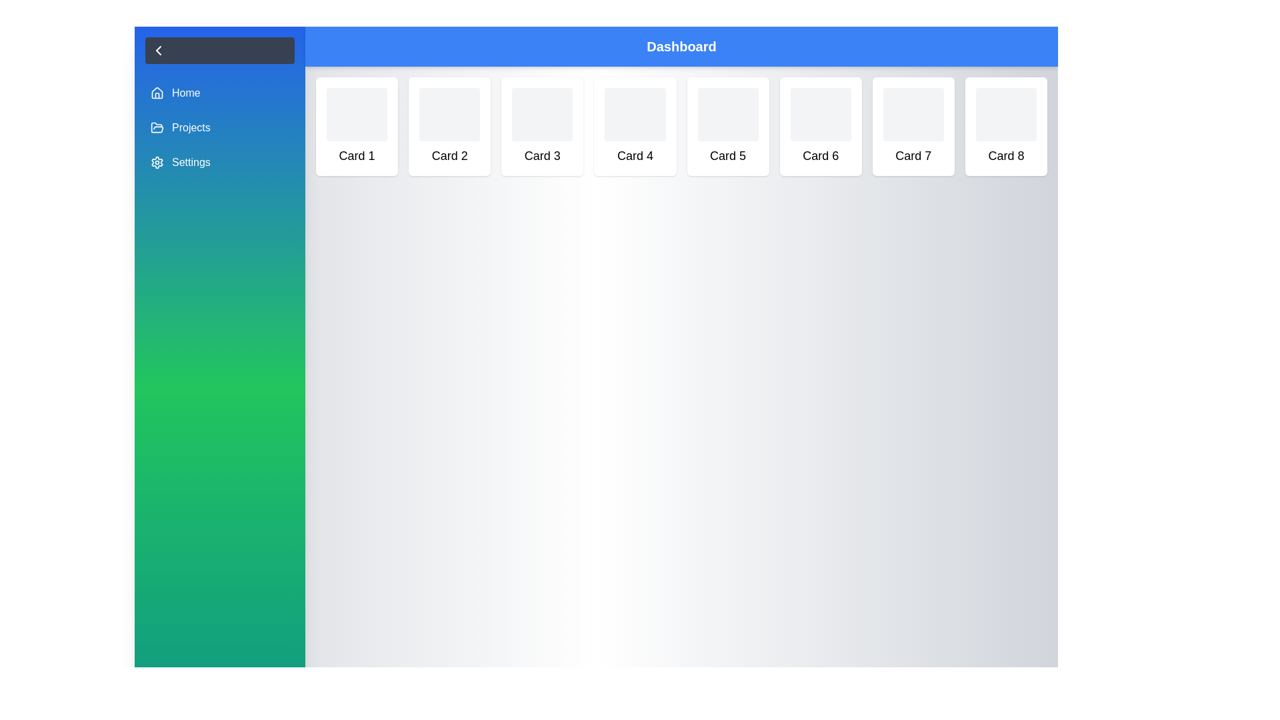  I want to click on the navigation item Projects, so click(220, 128).